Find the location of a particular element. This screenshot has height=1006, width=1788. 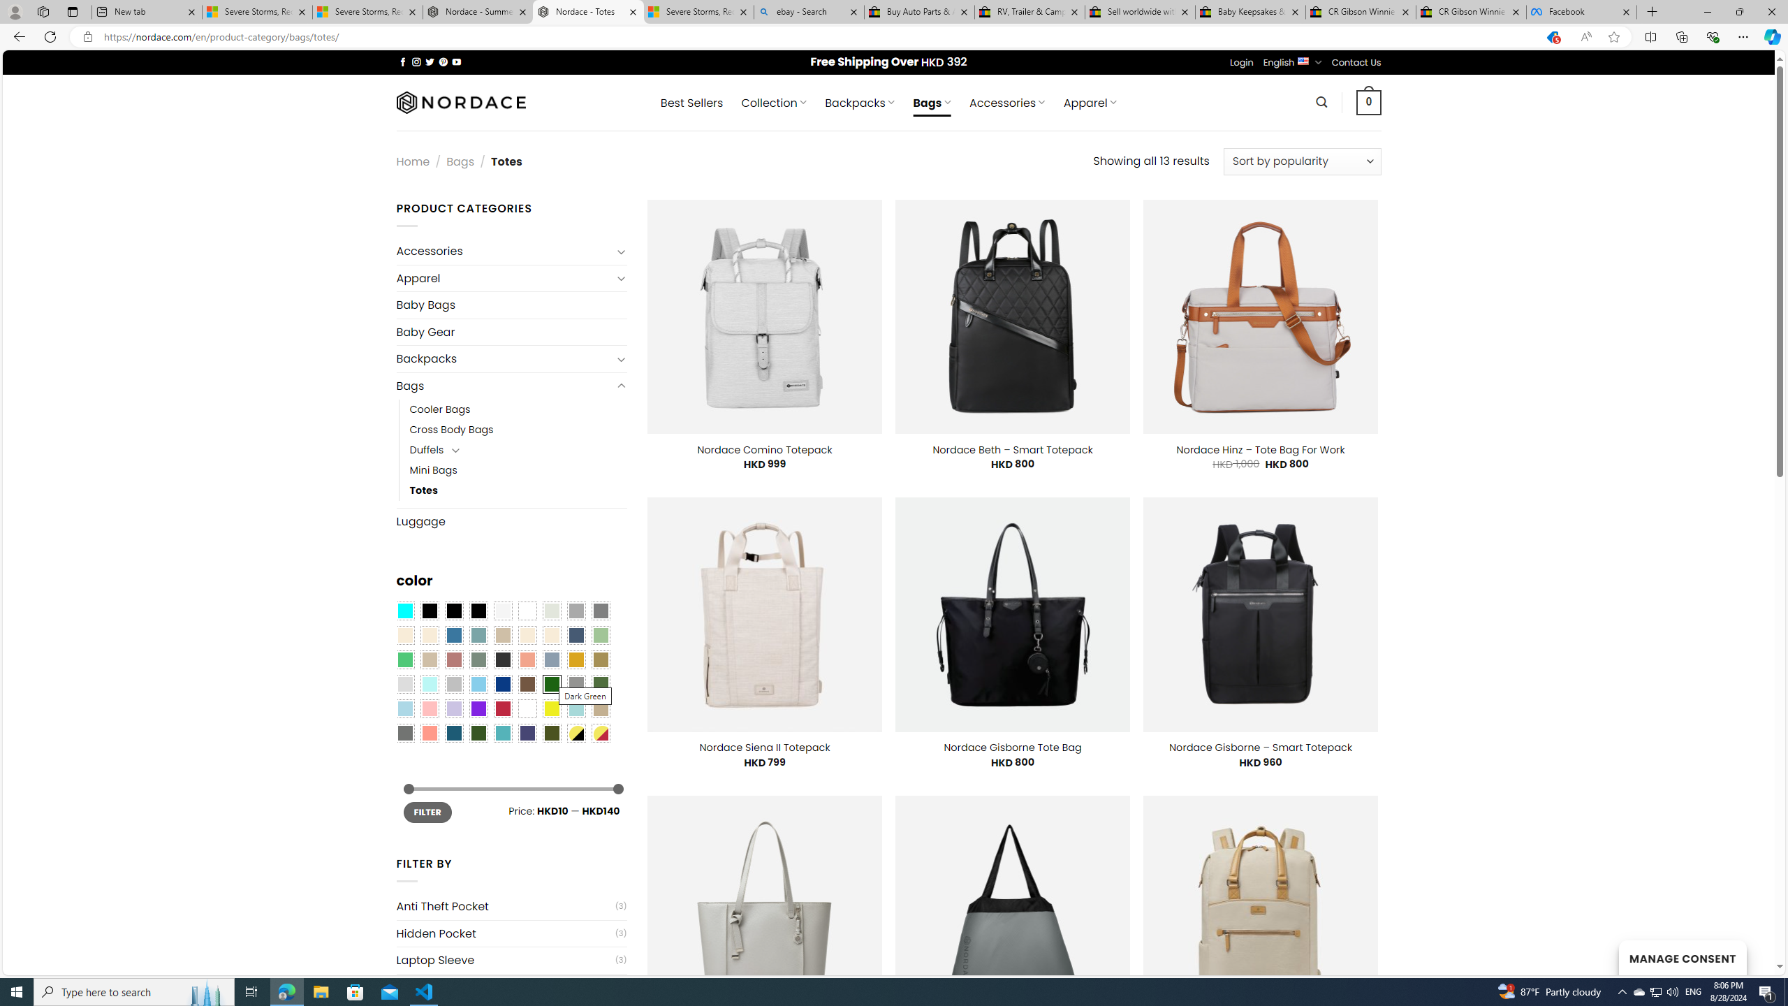

'Charcoal' is located at coordinates (501, 659).